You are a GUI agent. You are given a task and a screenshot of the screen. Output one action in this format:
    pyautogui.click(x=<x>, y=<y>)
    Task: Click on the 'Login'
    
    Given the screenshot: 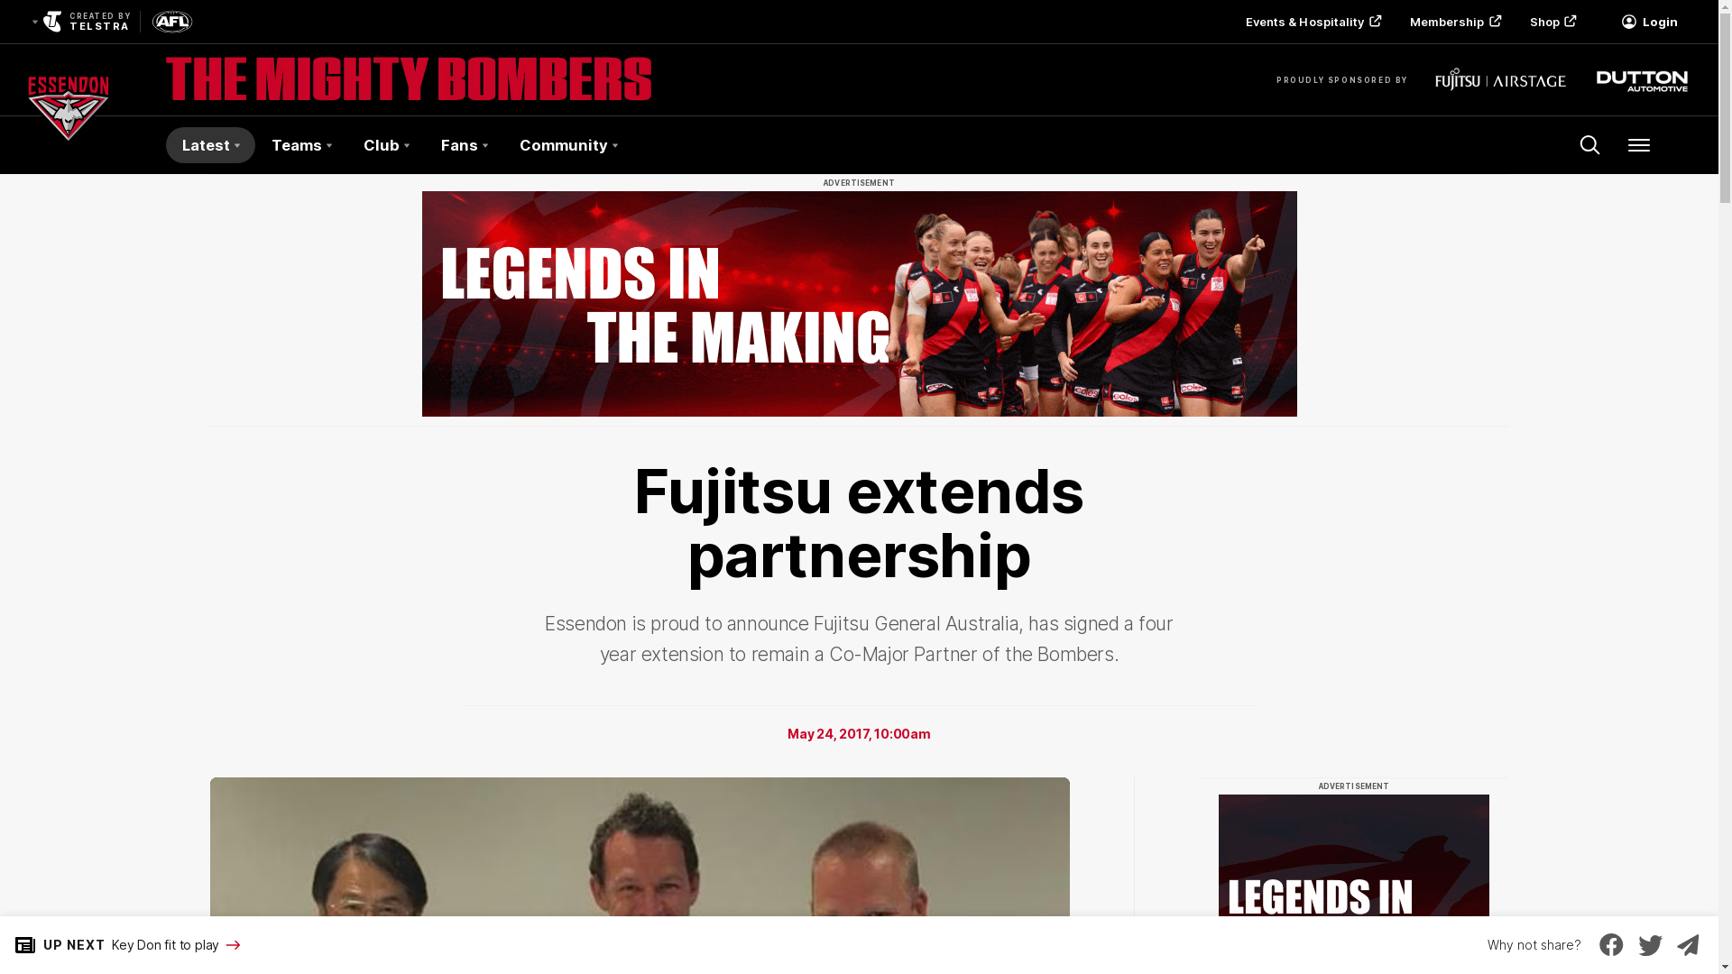 What is the action you would take?
    pyautogui.click(x=1602, y=21)
    